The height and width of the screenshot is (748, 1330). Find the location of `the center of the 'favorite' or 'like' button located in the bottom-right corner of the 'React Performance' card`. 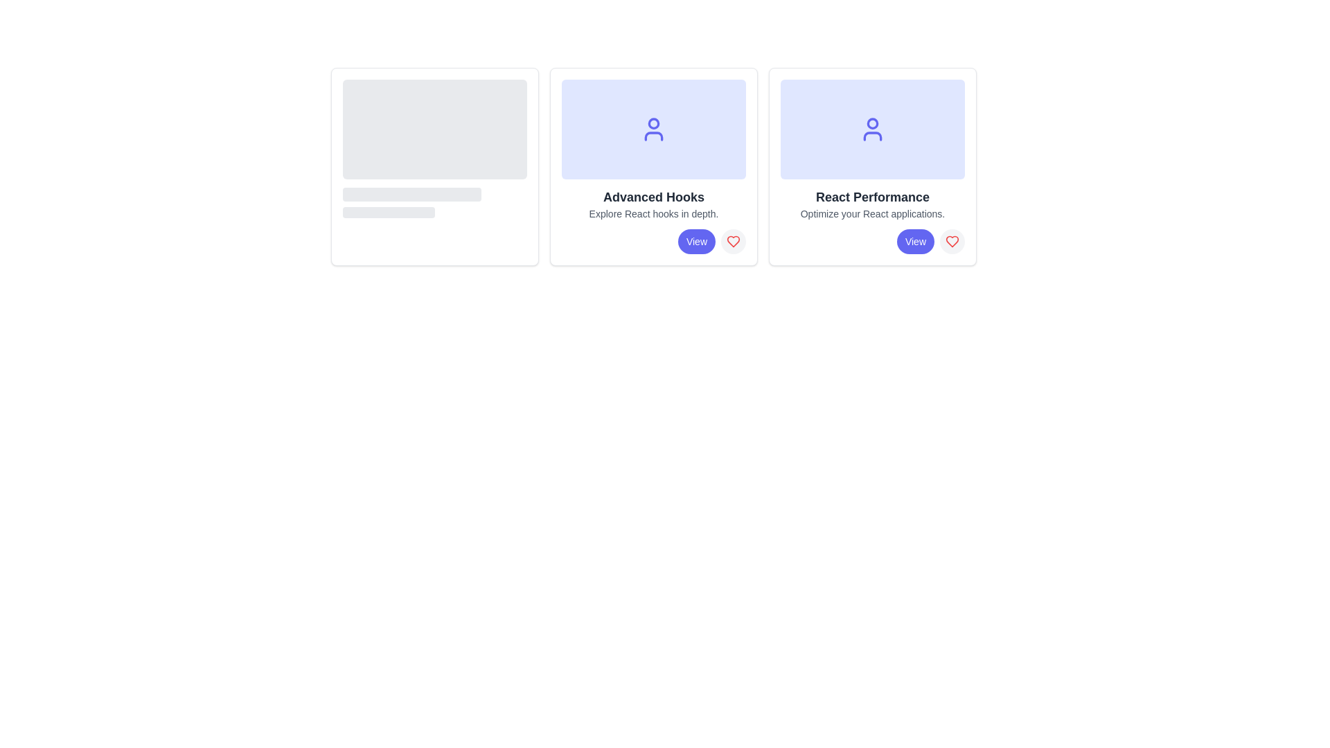

the center of the 'favorite' or 'like' button located in the bottom-right corner of the 'React Performance' card is located at coordinates (951, 240).